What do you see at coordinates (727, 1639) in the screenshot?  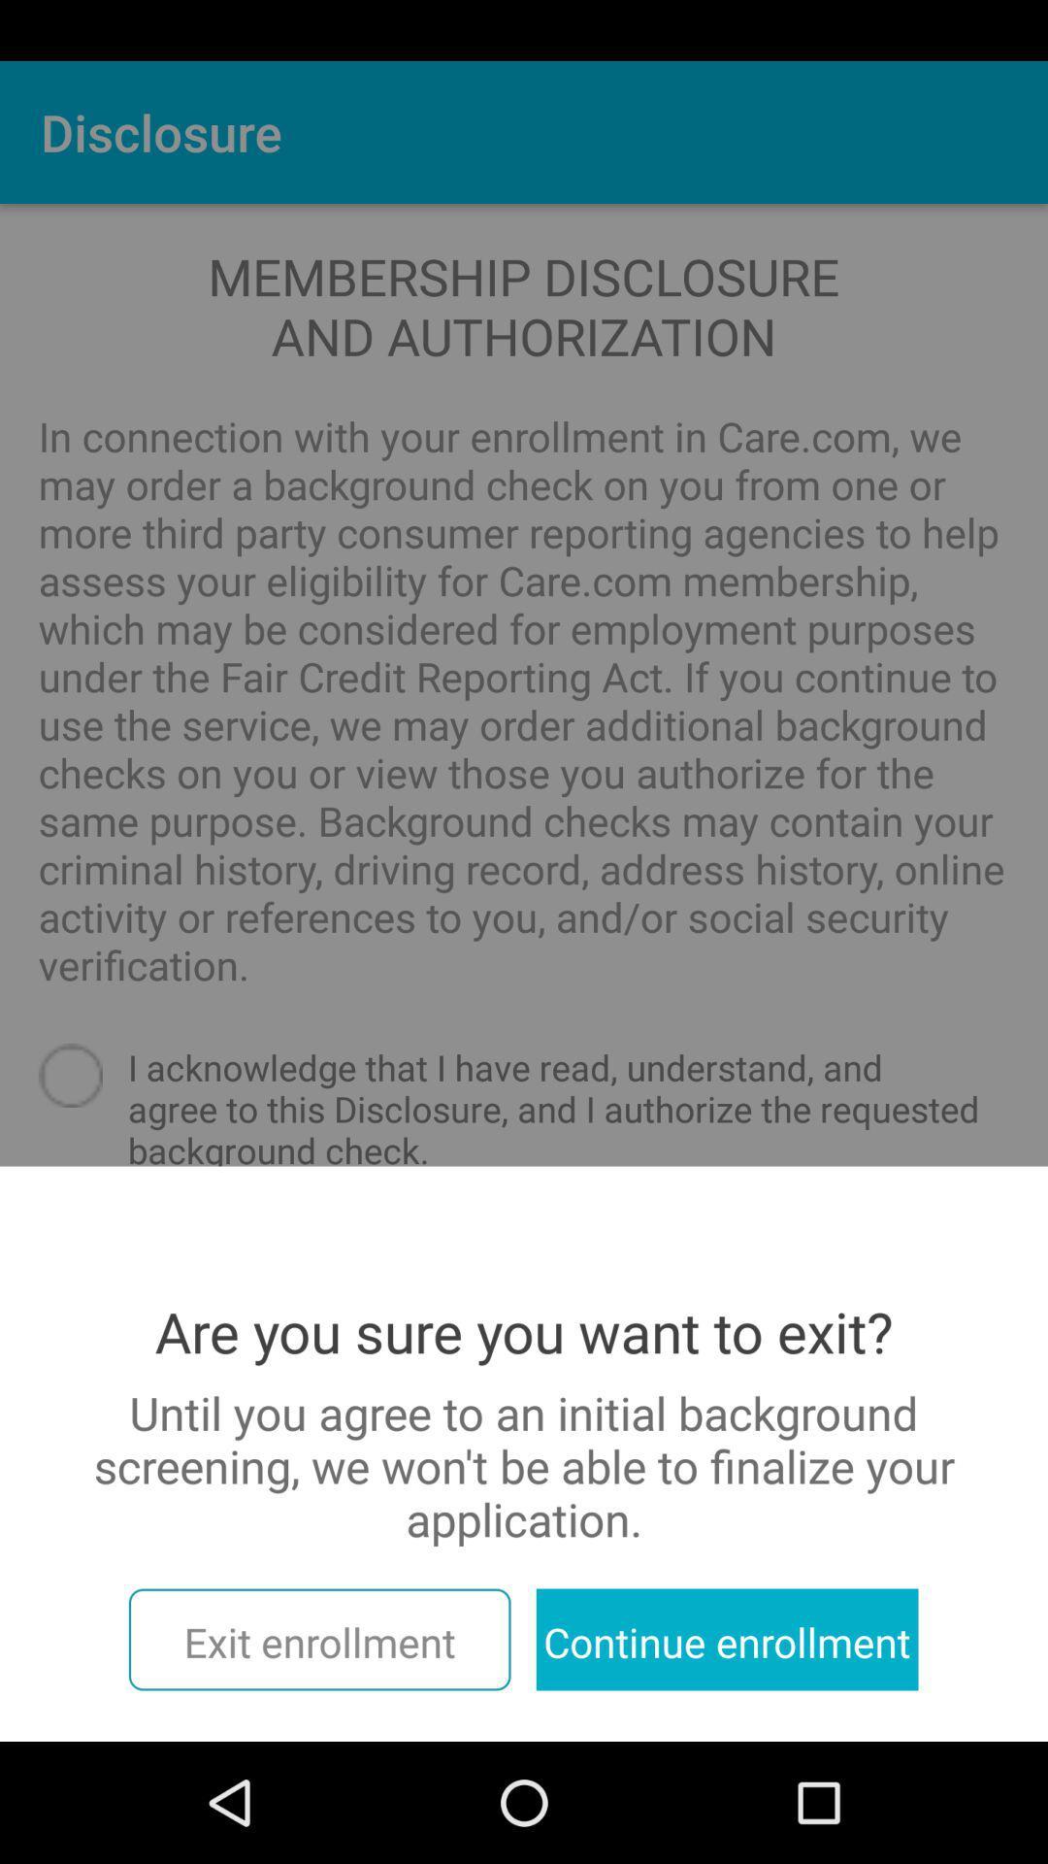 I see `the item below until you agree` at bounding box center [727, 1639].